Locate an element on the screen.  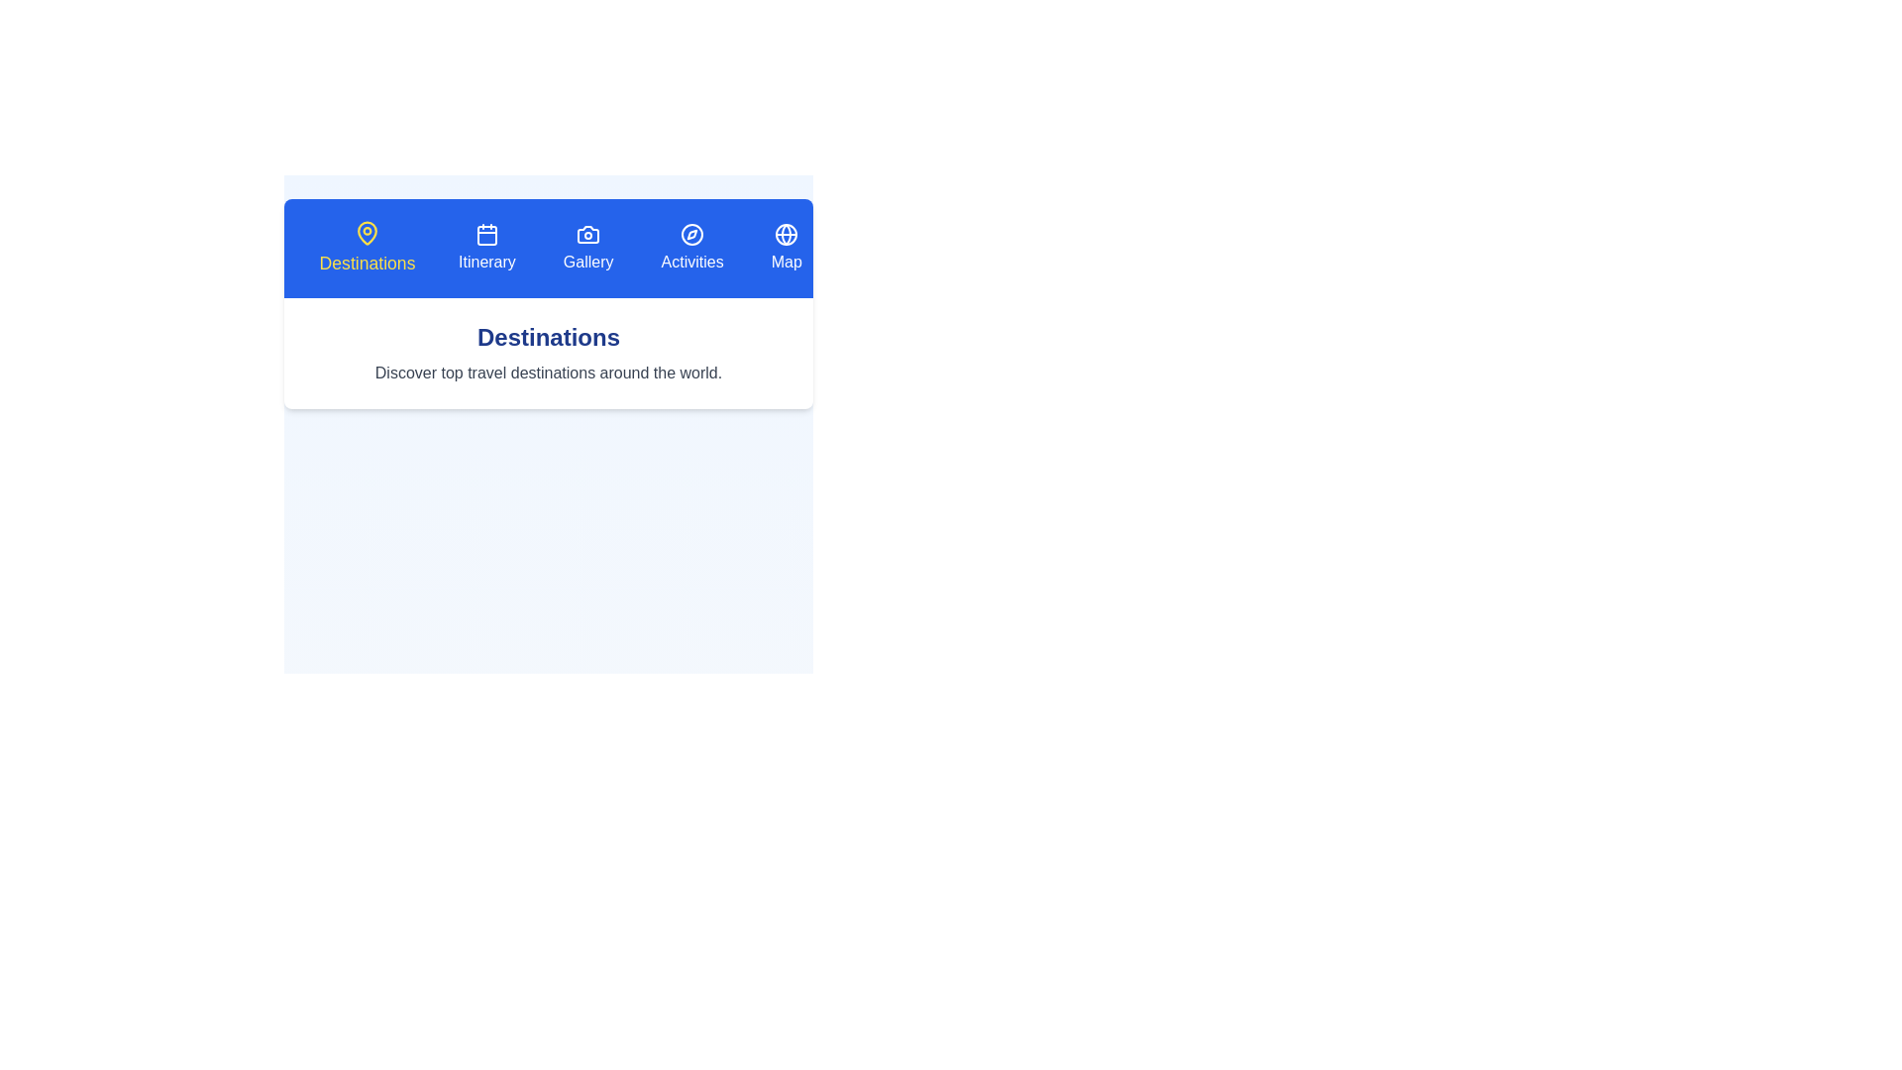
text content displayed in the composite element containing navigation tabs and a textual display area, which shows the title 'Destinations' and the descriptive text 'Discover top travel destinations around the world.' is located at coordinates (548, 411).